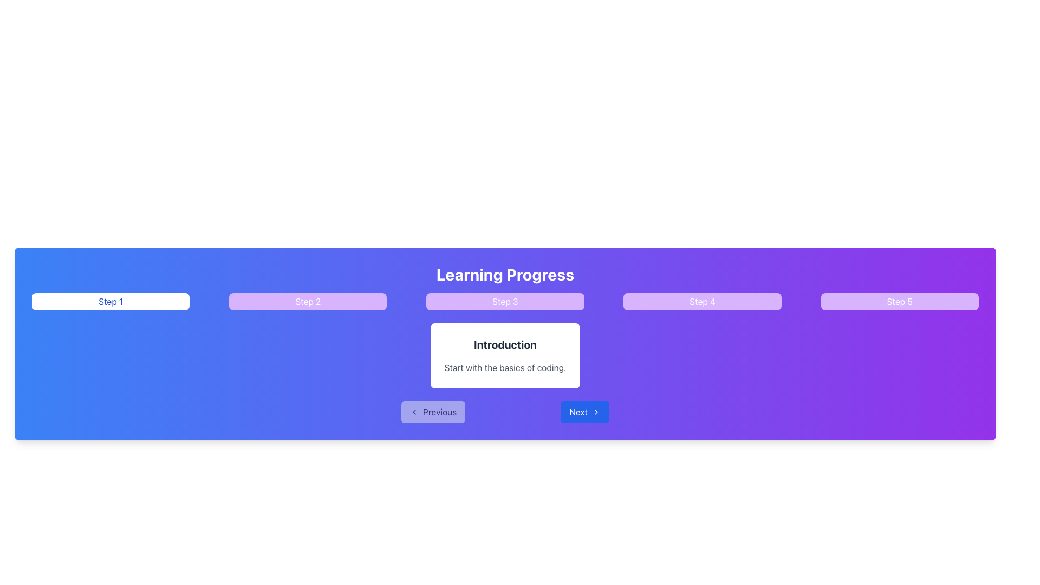  I want to click on the 'Learning Progress' heading, which is displayed in large, bold white font at the top of the stepper interface, with a gradient blue and purple background, so click(504, 274).